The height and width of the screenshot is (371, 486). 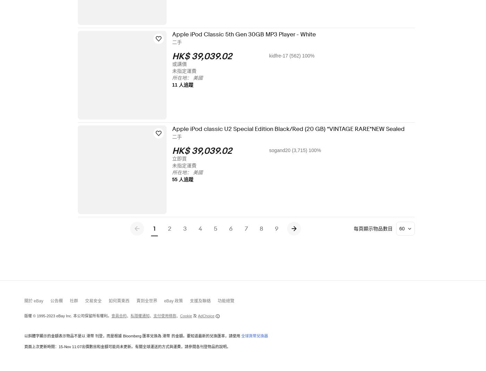 What do you see at coordinates (187, 179) in the screenshot?
I see `'55 人追蹤'` at bounding box center [187, 179].